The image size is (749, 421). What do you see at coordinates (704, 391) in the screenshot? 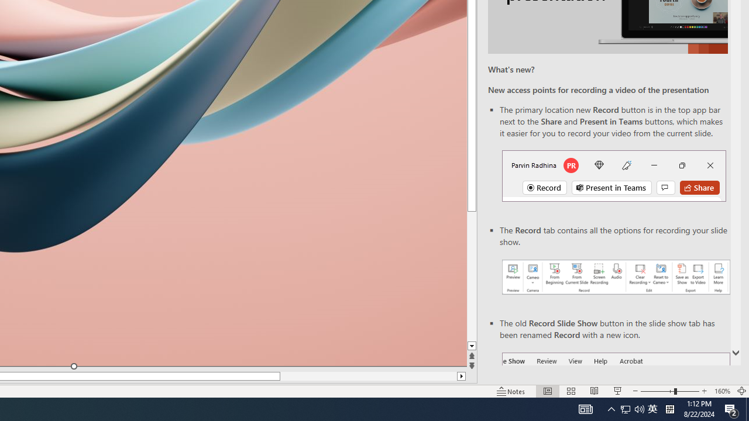
I see `'Zoom In'` at bounding box center [704, 391].